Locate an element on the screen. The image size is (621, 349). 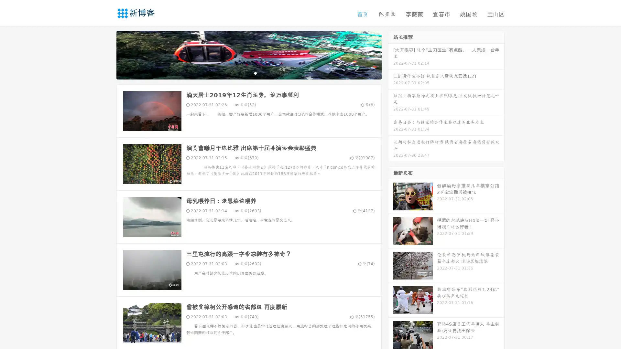
Go to slide 2 is located at coordinates (248, 73).